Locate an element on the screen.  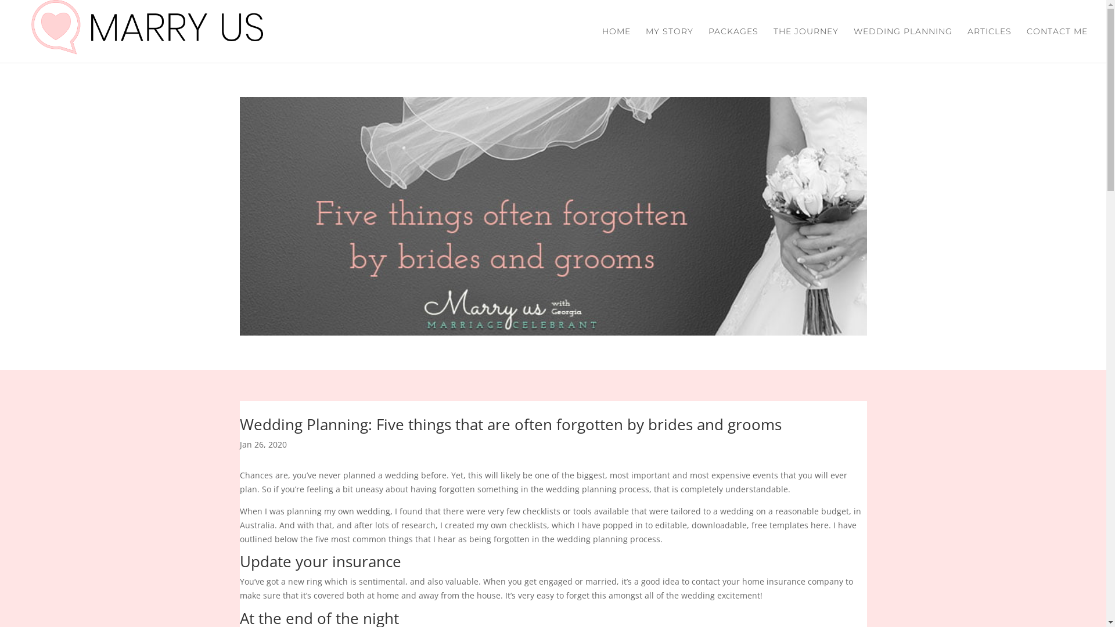
'THE JOURNEY' is located at coordinates (805, 44).